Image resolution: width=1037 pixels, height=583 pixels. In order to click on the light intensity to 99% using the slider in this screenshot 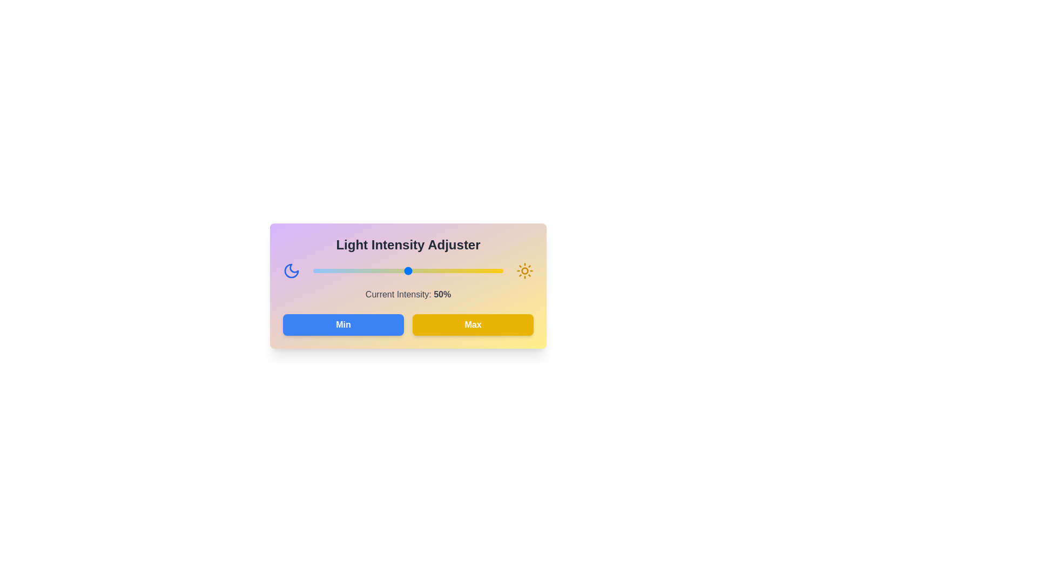, I will do `click(501, 270)`.